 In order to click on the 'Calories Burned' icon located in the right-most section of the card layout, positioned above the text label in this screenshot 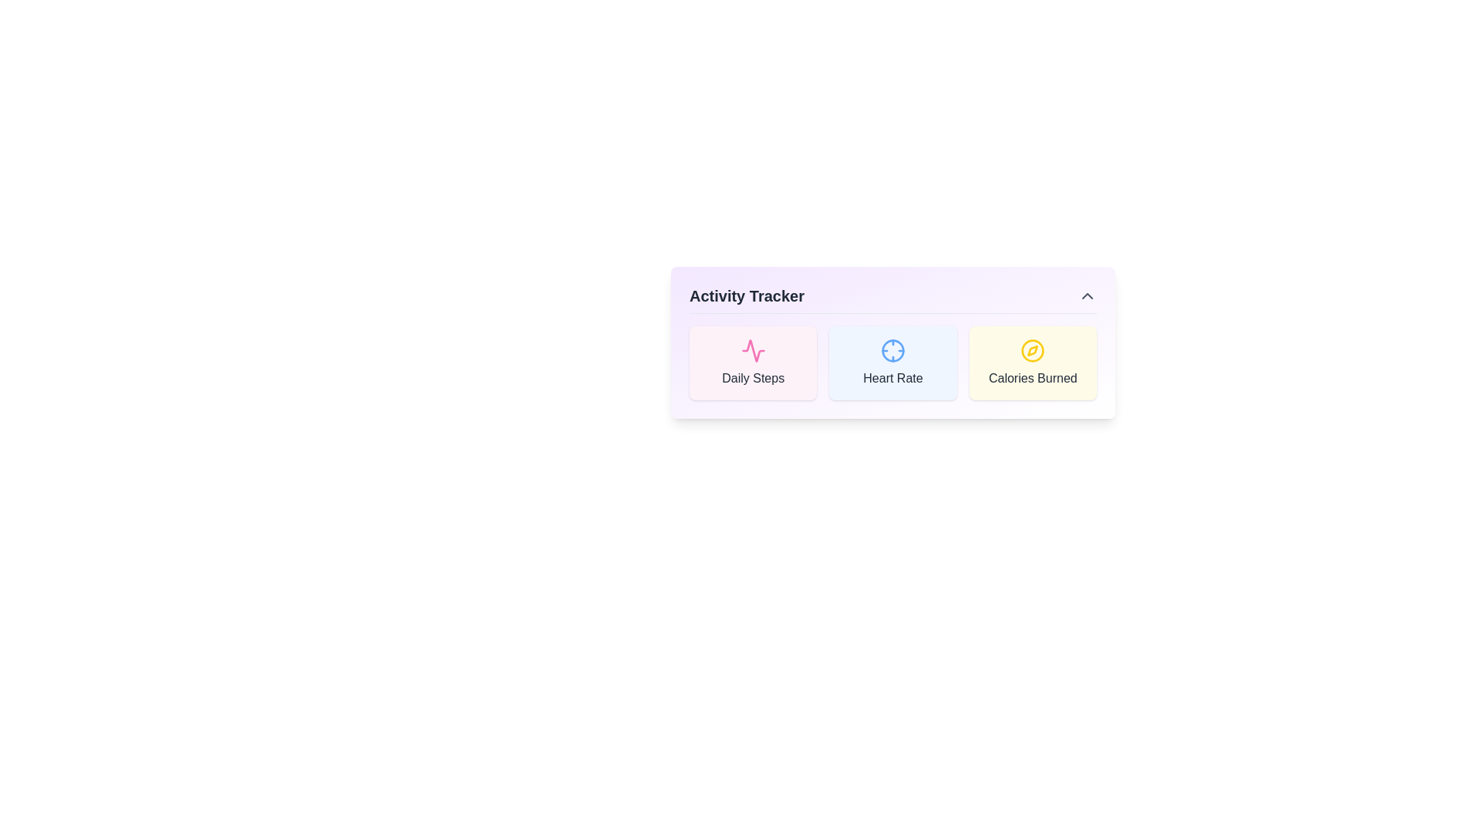, I will do `click(1033, 351)`.